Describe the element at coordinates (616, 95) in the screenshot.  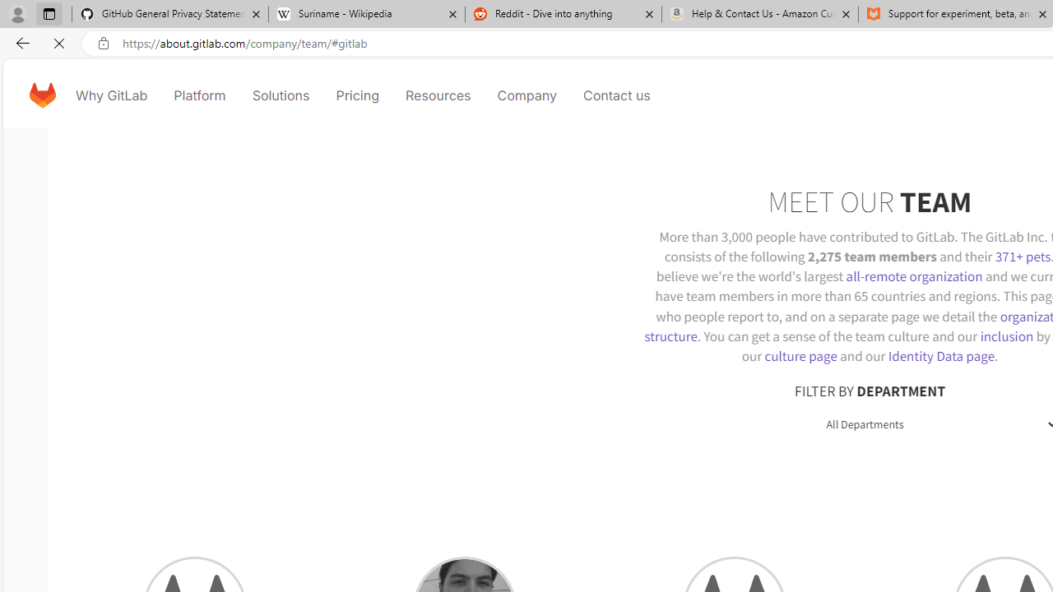
I see `'Contact us'` at that location.